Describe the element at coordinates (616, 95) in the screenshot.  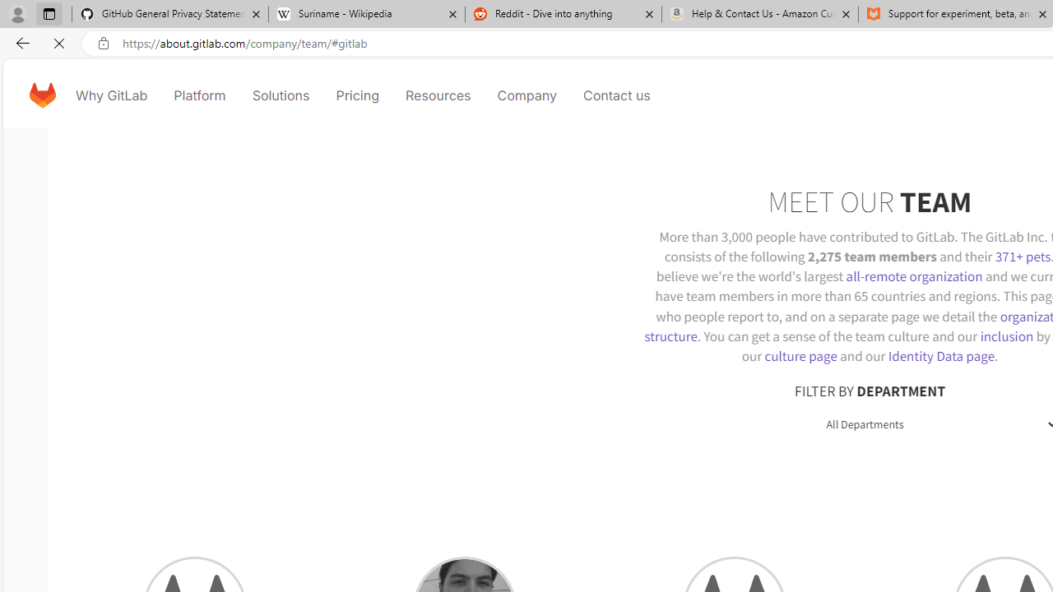
I see `'Contact us'` at that location.